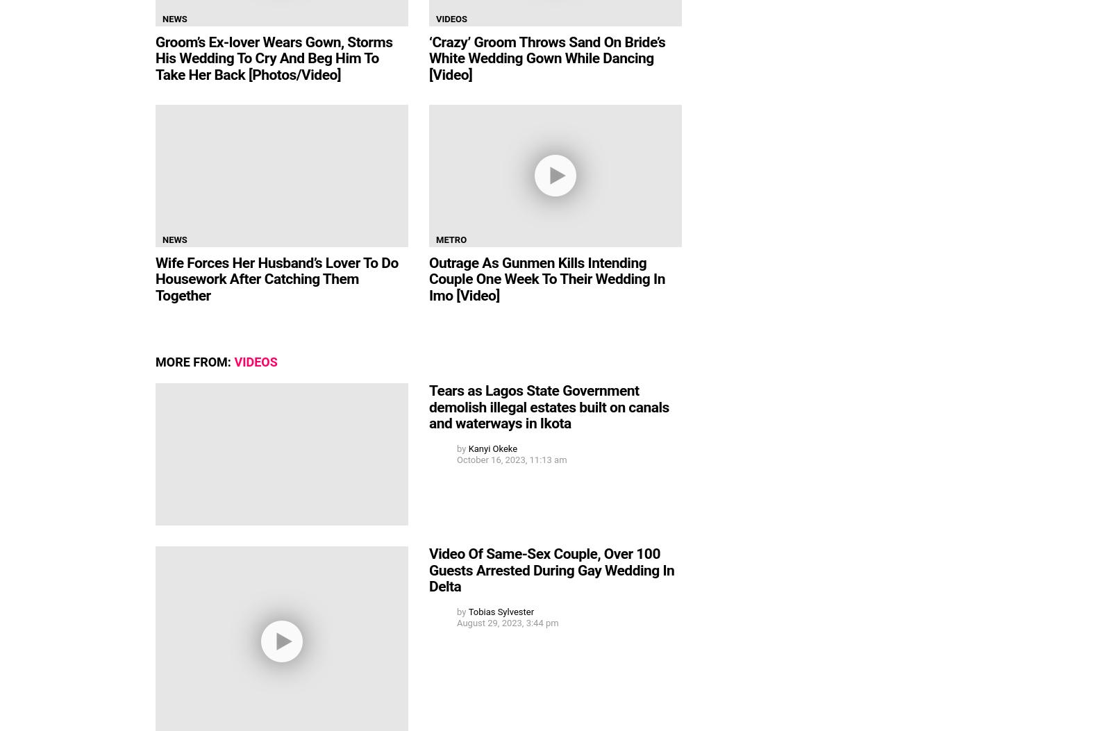 This screenshot has width=1111, height=731. I want to click on 'Wife Forces Her Husband’s Lover To Do Housework After Catching Them Together', so click(276, 278).